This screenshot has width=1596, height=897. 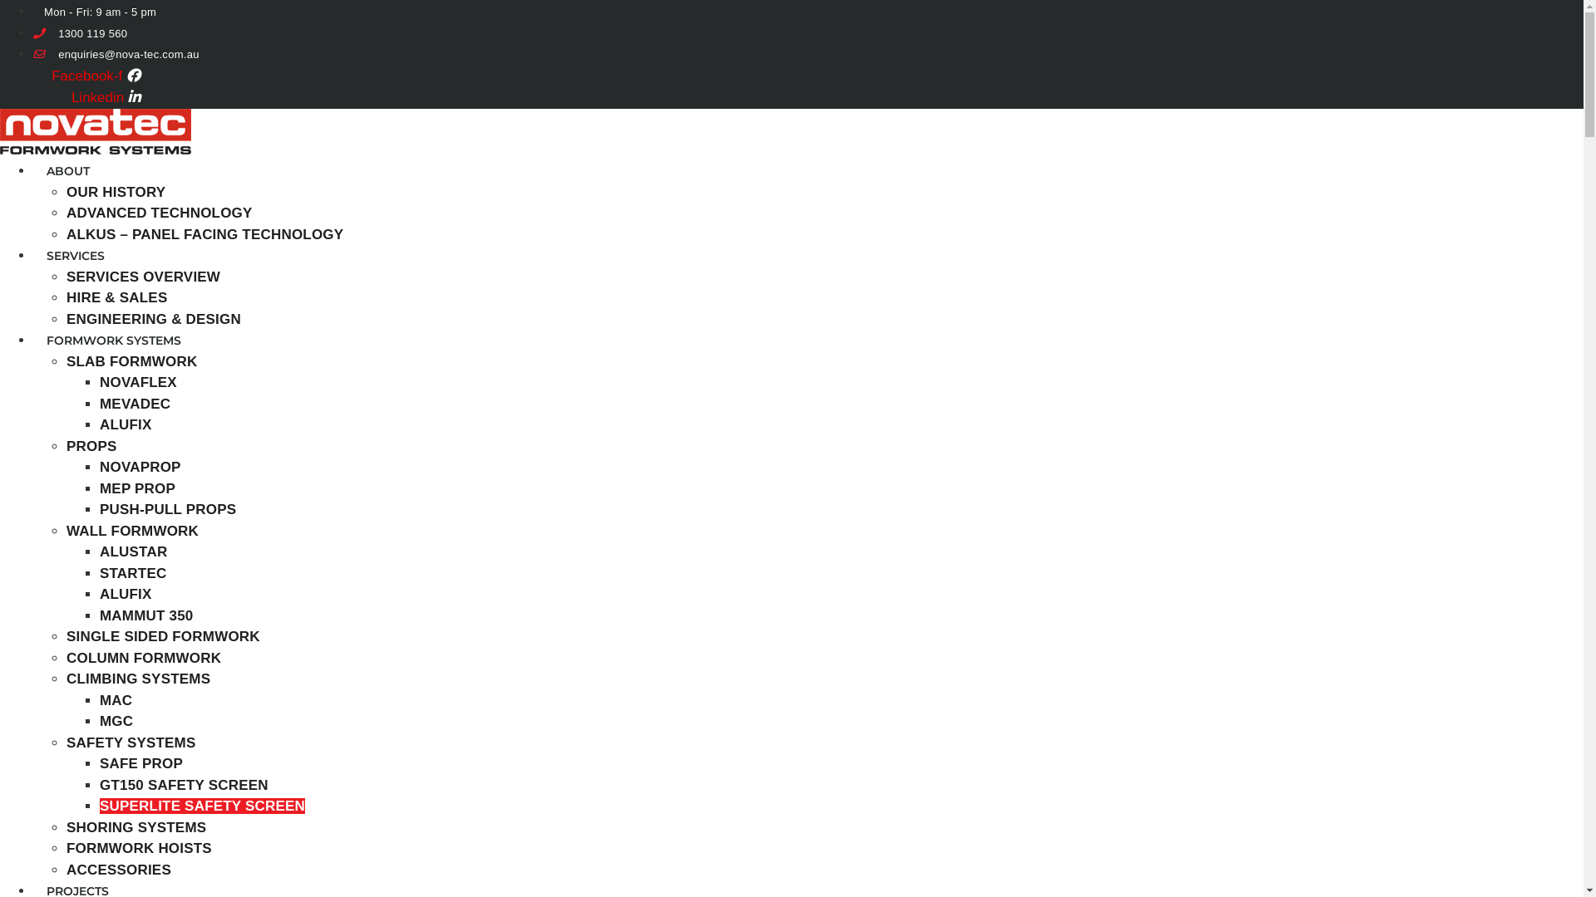 What do you see at coordinates (99, 805) in the screenshot?
I see `'SUPERLITE SAFETY SCREEN'` at bounding box center [99, 805].